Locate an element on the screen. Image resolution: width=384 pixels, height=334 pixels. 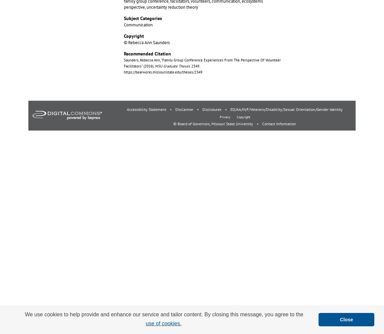
'Disclosures' is located at coordinates (212, 109).